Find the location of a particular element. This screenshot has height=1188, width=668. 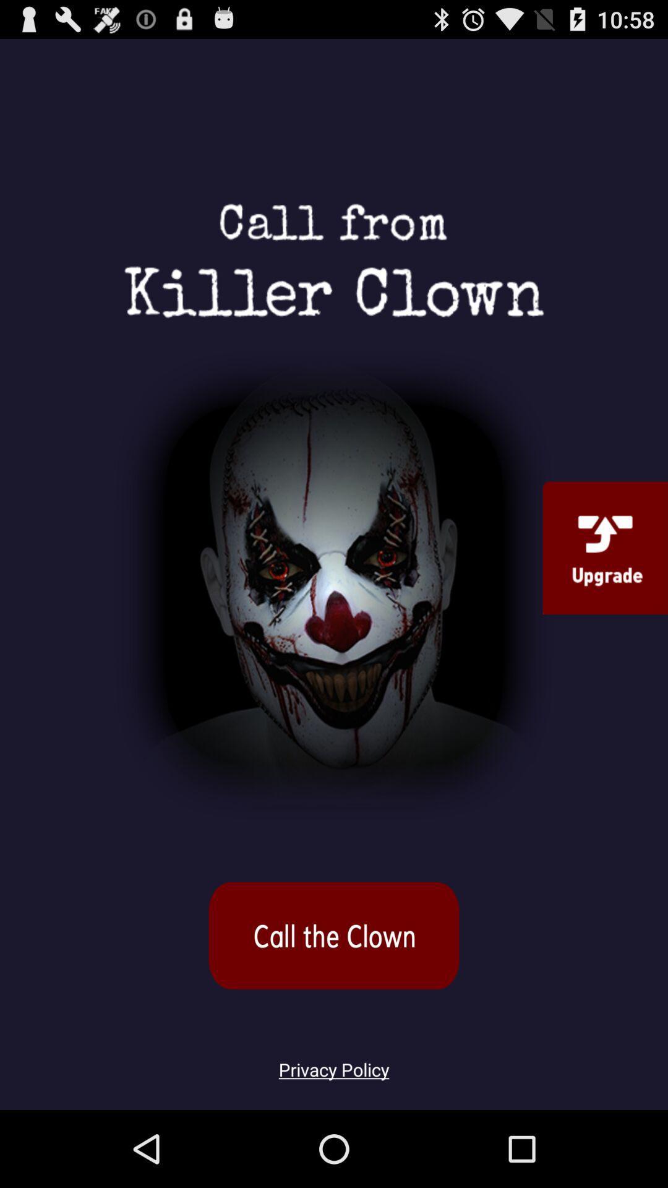

upgrade app is located at coordinates (604, 546).